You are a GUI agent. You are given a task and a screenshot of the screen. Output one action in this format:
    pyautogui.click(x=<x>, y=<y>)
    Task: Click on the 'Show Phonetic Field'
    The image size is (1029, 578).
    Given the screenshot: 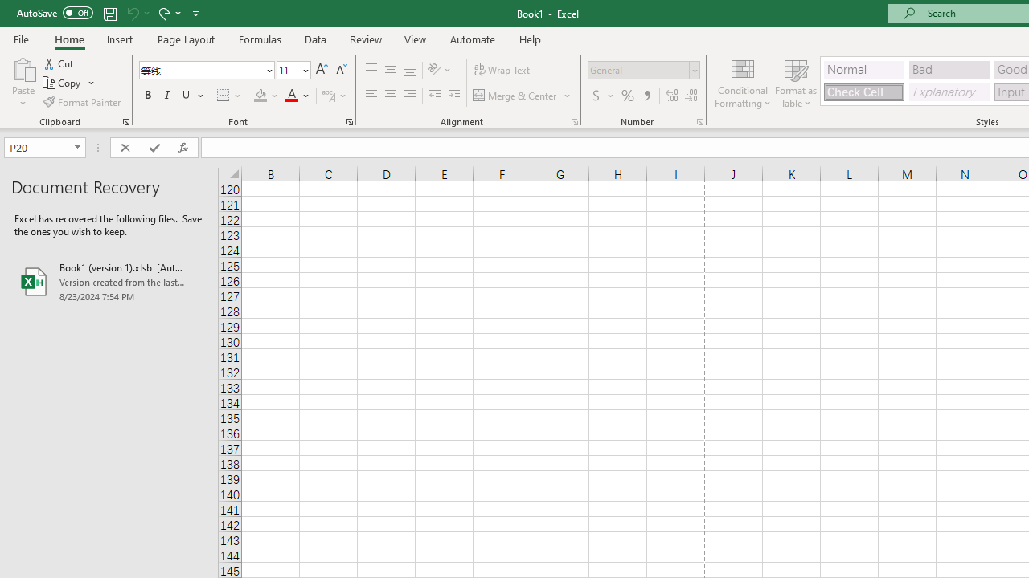 What is the action you would take?
    pyautogui.click(x=327, y=96)
    